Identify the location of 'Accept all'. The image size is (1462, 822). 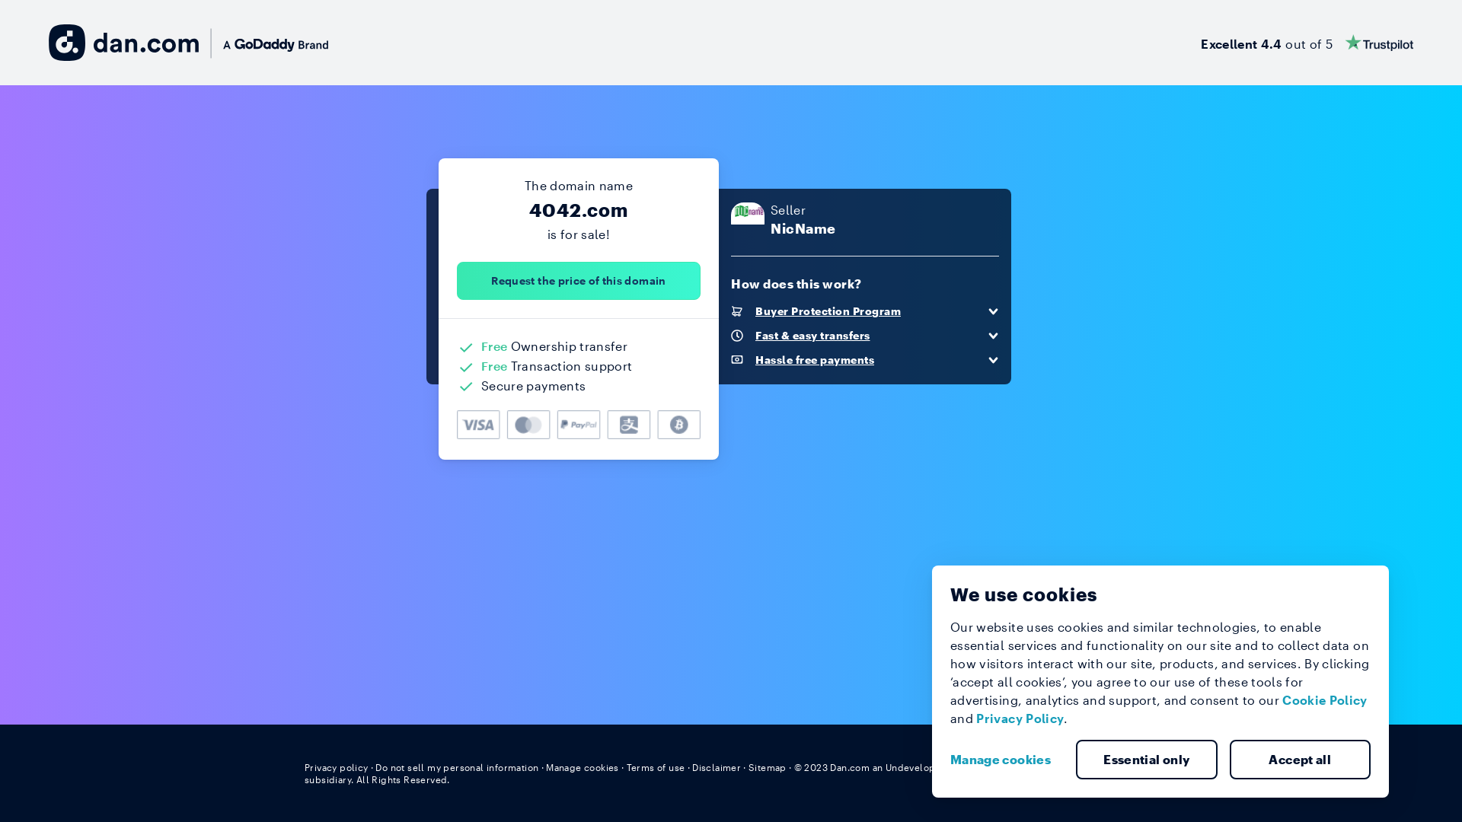
(1228, 760).